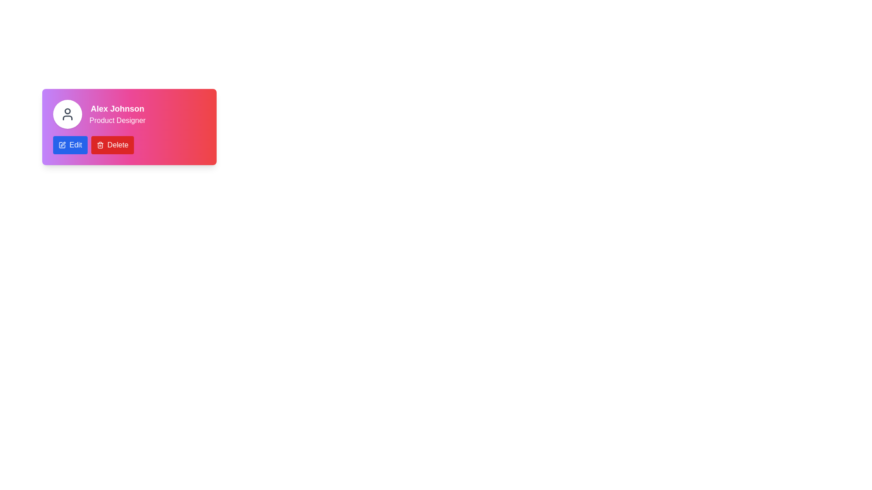 The width and height of the screenshot is (872, 490). I want to click on the first interactive button for initiating an edit action located beneath the text 'Alex Johnson', so click(69, 145).